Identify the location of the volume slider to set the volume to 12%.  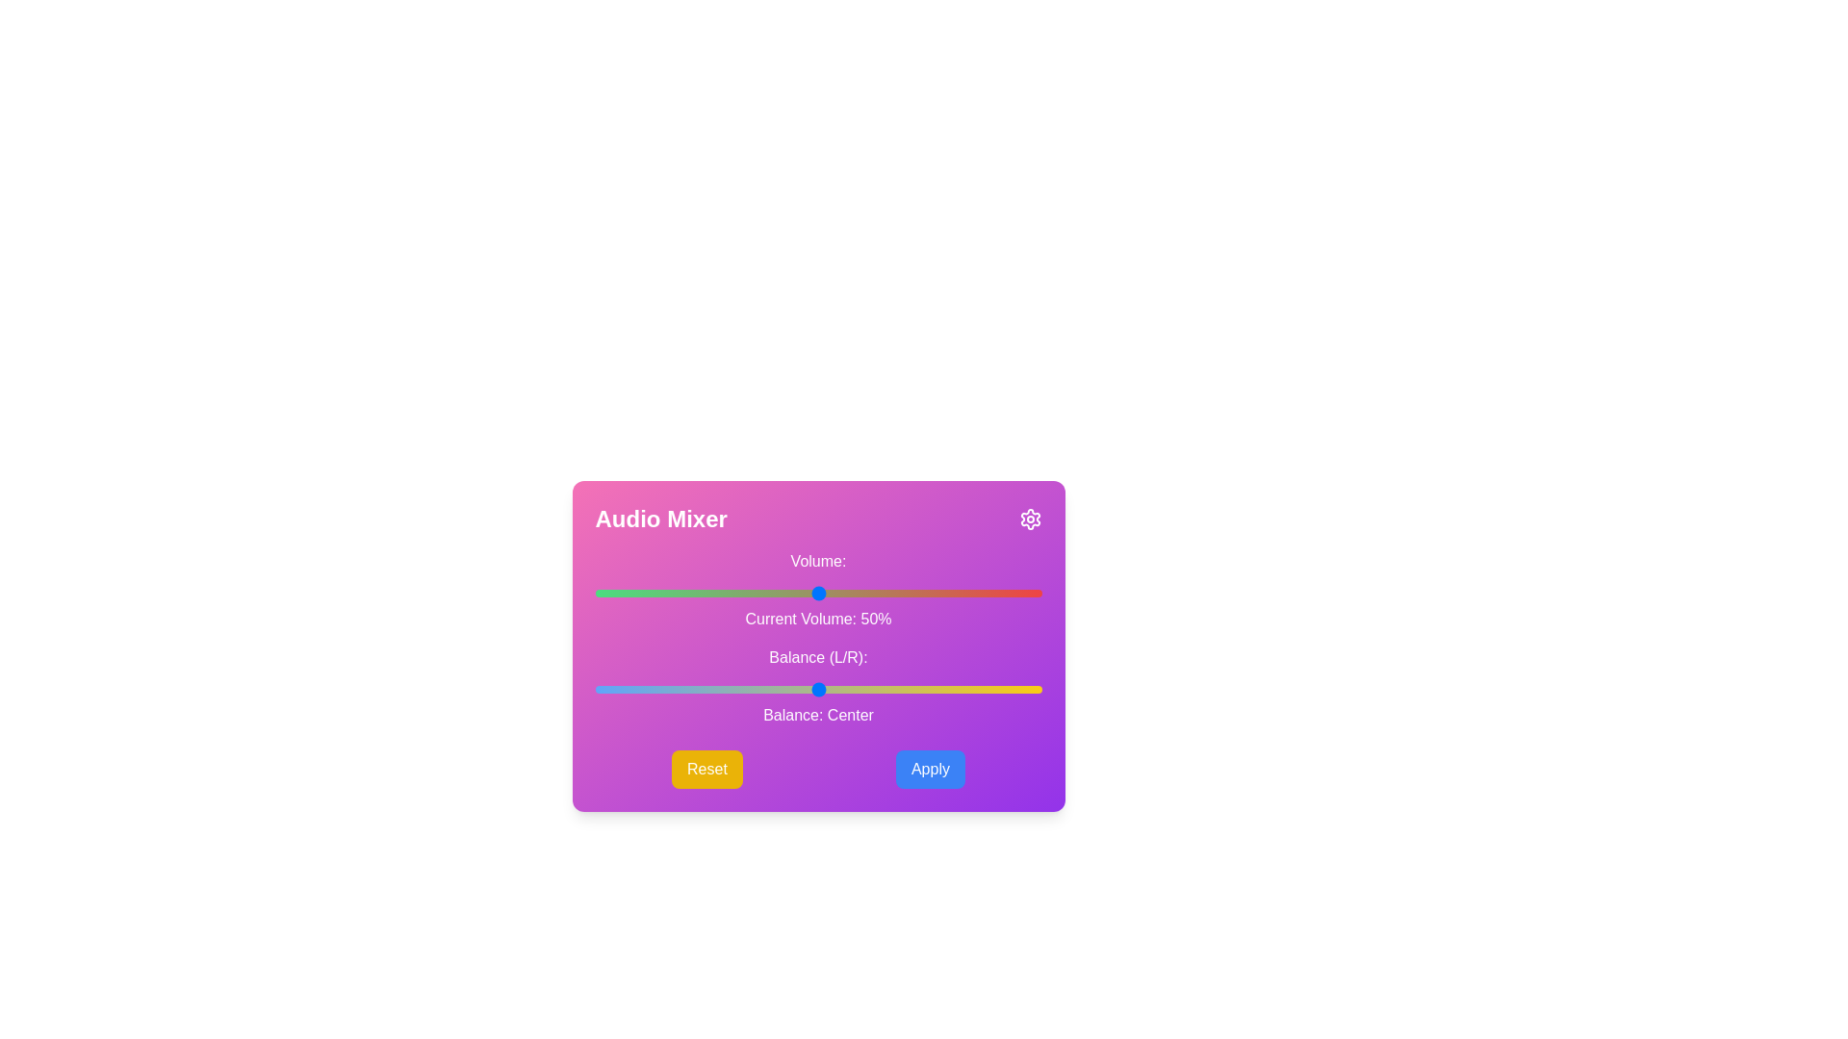
(649, 593).